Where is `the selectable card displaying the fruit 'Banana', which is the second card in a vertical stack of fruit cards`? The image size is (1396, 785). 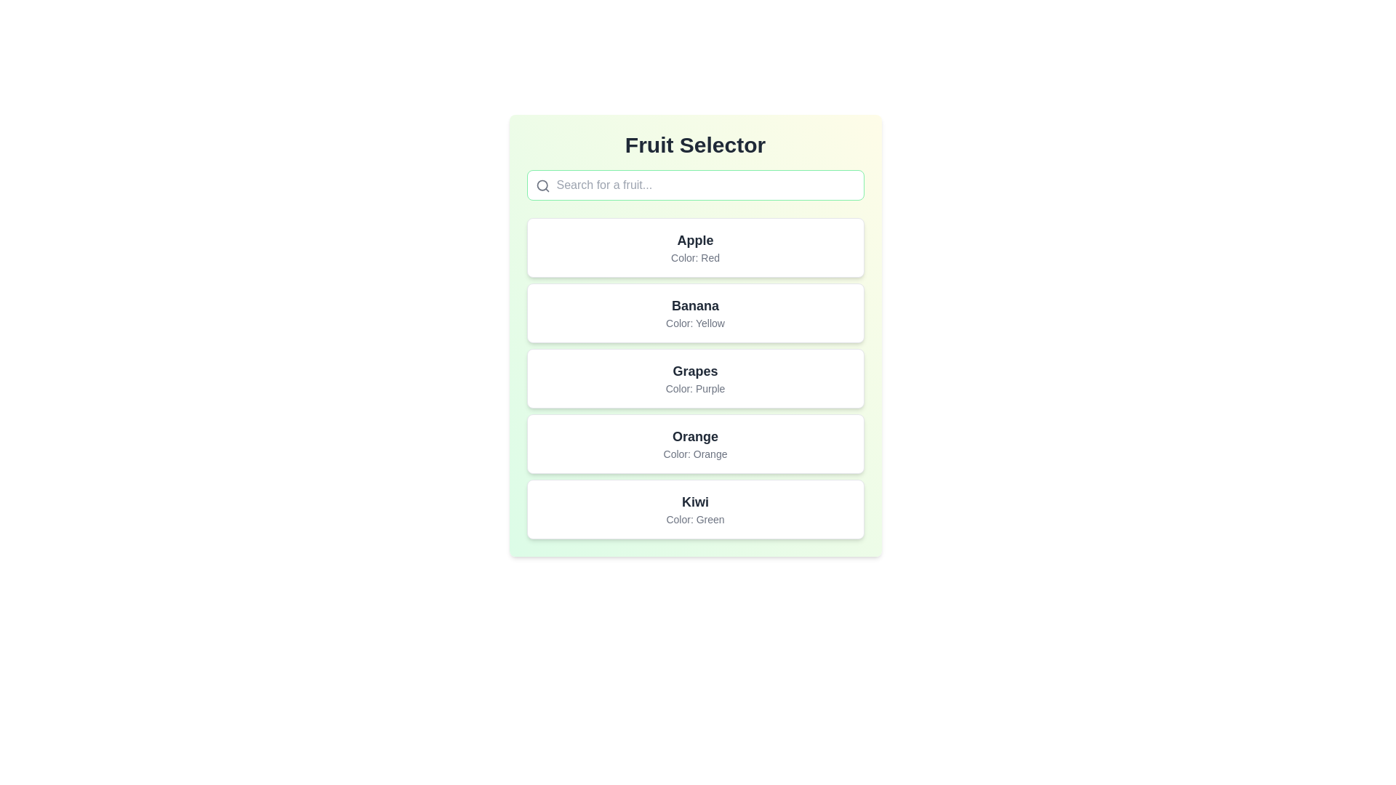
the selectable card displaying the fruit 'Banana', which is the second card in a vertical stack of fruit cards is located at coordinates (694, 313).